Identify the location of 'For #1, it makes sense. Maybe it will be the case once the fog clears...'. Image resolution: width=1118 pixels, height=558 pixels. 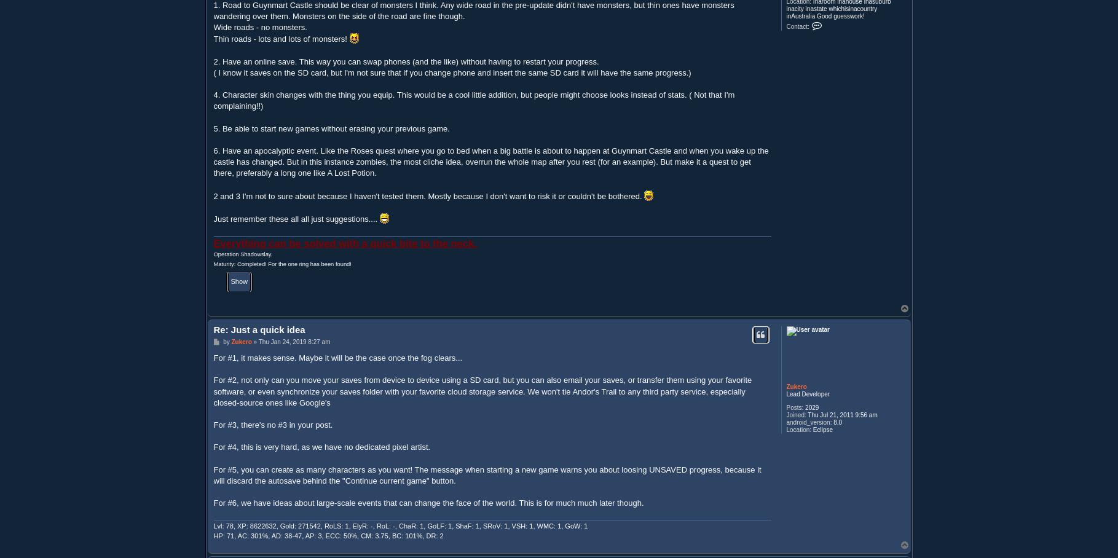
(337, 357).